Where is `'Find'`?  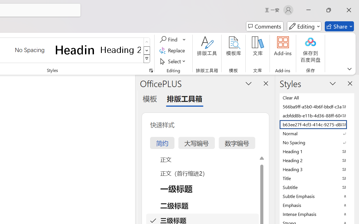 'Find' is located at coordinates (172, 39).